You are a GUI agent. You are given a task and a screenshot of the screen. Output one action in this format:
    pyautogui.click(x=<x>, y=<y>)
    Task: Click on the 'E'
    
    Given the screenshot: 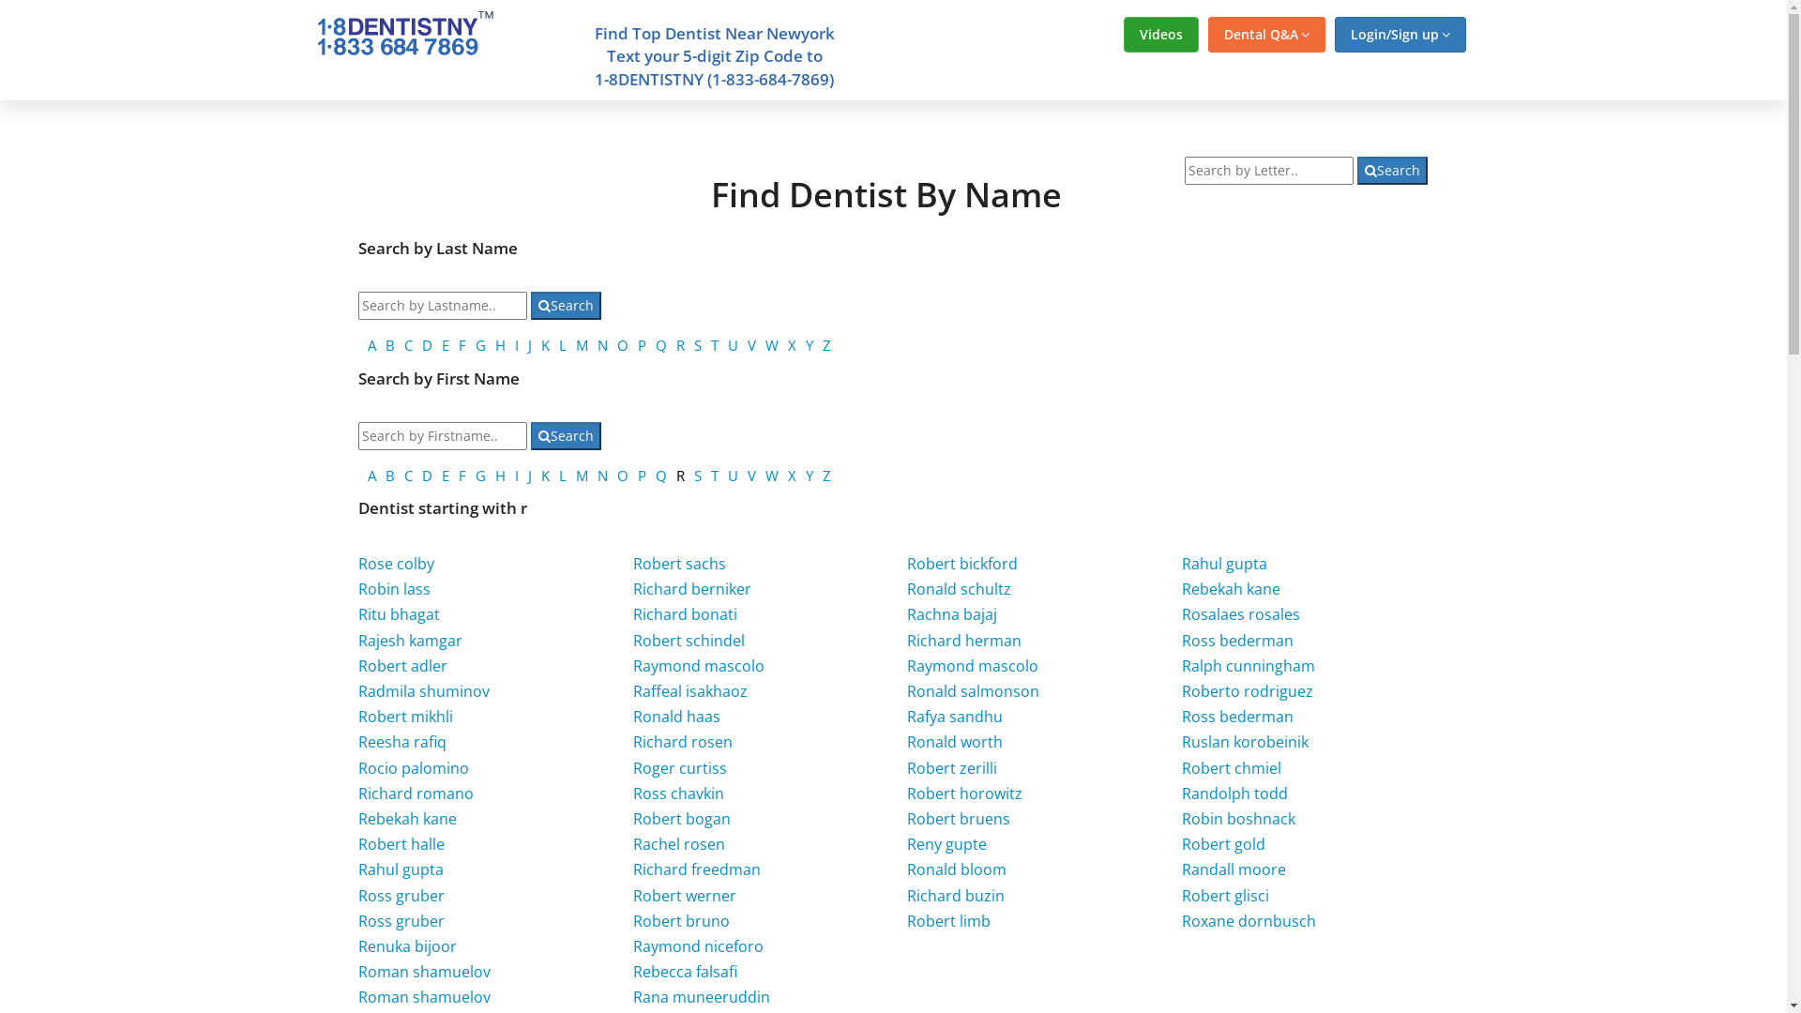 What is the action you would take?
    pyautogui.click(x=445, y=474)
    